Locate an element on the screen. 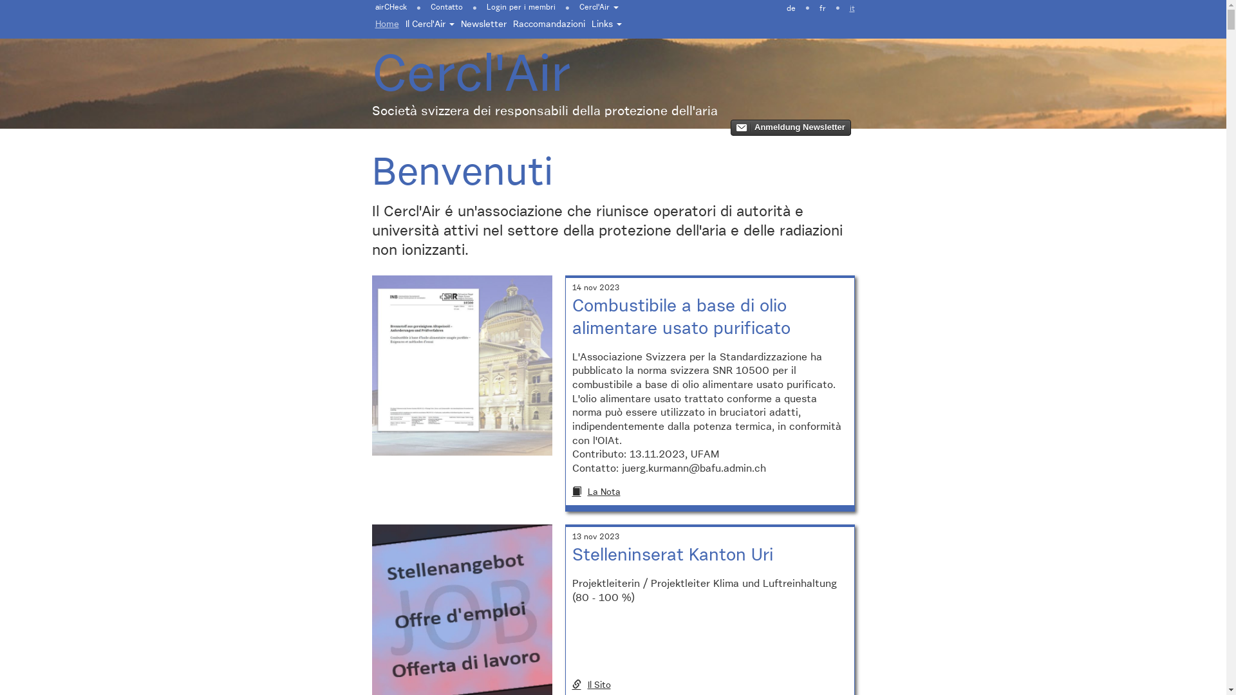  'Login per i membri' is located at coordinates (520, 6).